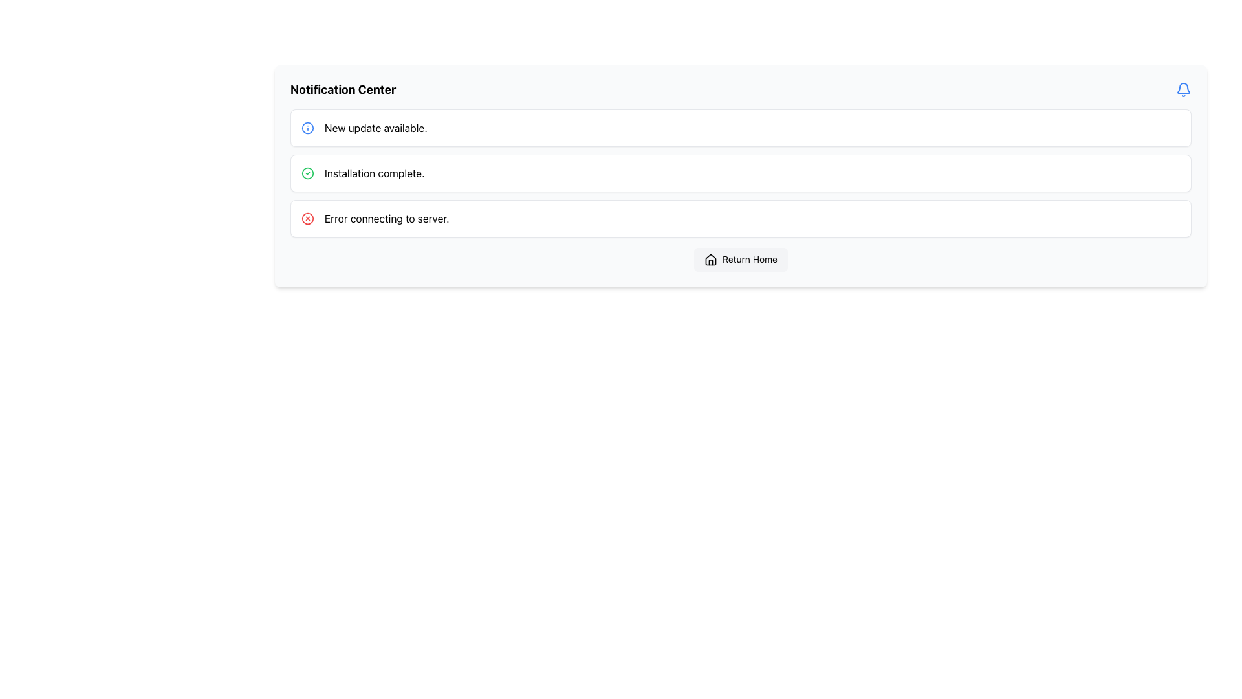  I want to click on the Text Label element displaying 'New update available.' which is styled in black on a white background card at the top of the stack of notifications, so click(375, 128).